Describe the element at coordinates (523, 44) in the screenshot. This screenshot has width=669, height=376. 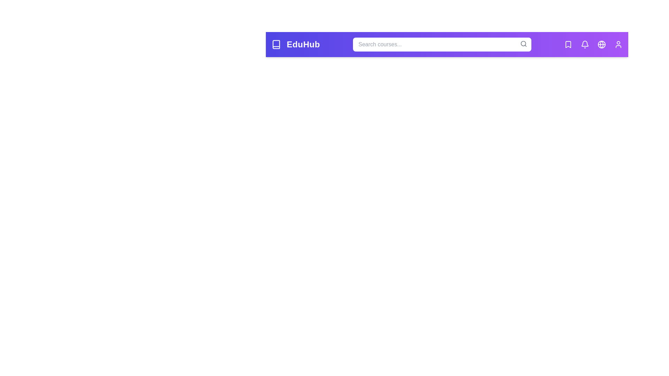
I see `the search icon to initiate a search` at that location.